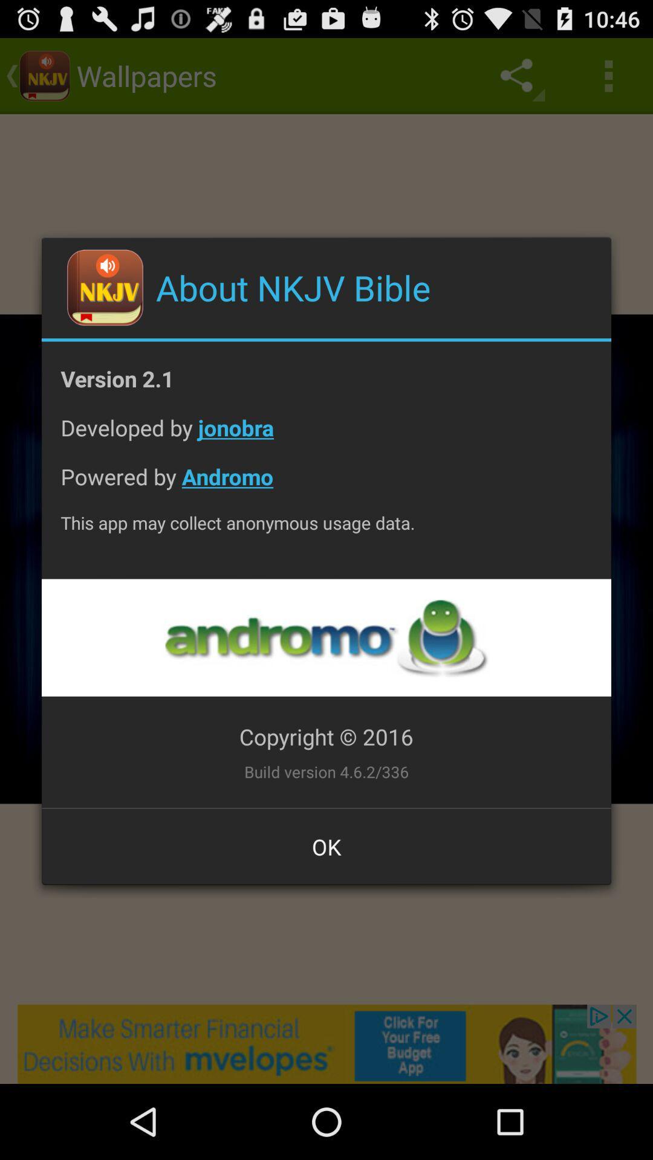 This screenshot has width=653, height=1160. What do you see at coordinates (326, 486) in the screenshot?
I see `the icon above the this app may item` at bounding box center [326, 486].